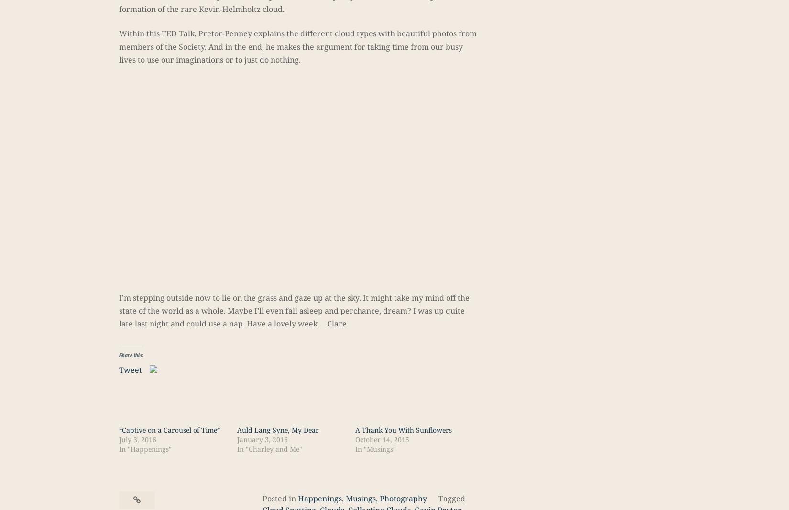  I want to click on 'Within this TED Talk, Pretor-Penney explains the different cloud types with beautiful photos from members of the Society. And in the end, he makes the argument for taking time from our busy lives to use our imaginations or to just do nothing.', so click(297, 45).